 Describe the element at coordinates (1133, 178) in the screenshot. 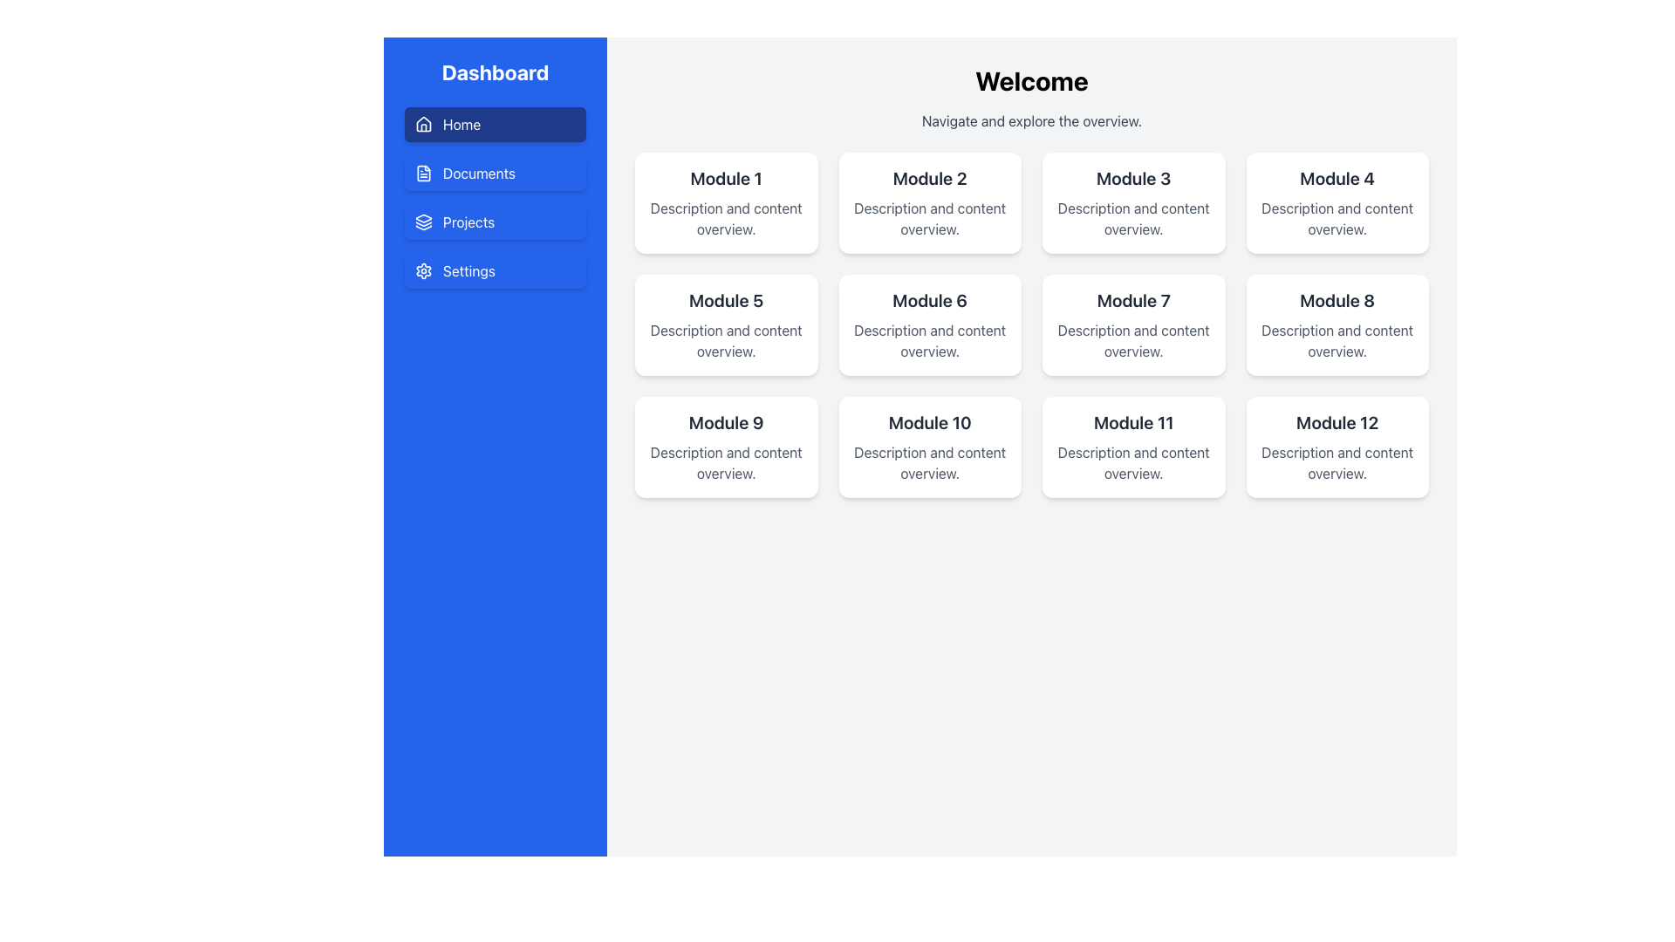

I see `the text element labeled 'Module 3', which is displayed in a bold, large font and located within a white card in the grid layout of module cards` at that location.